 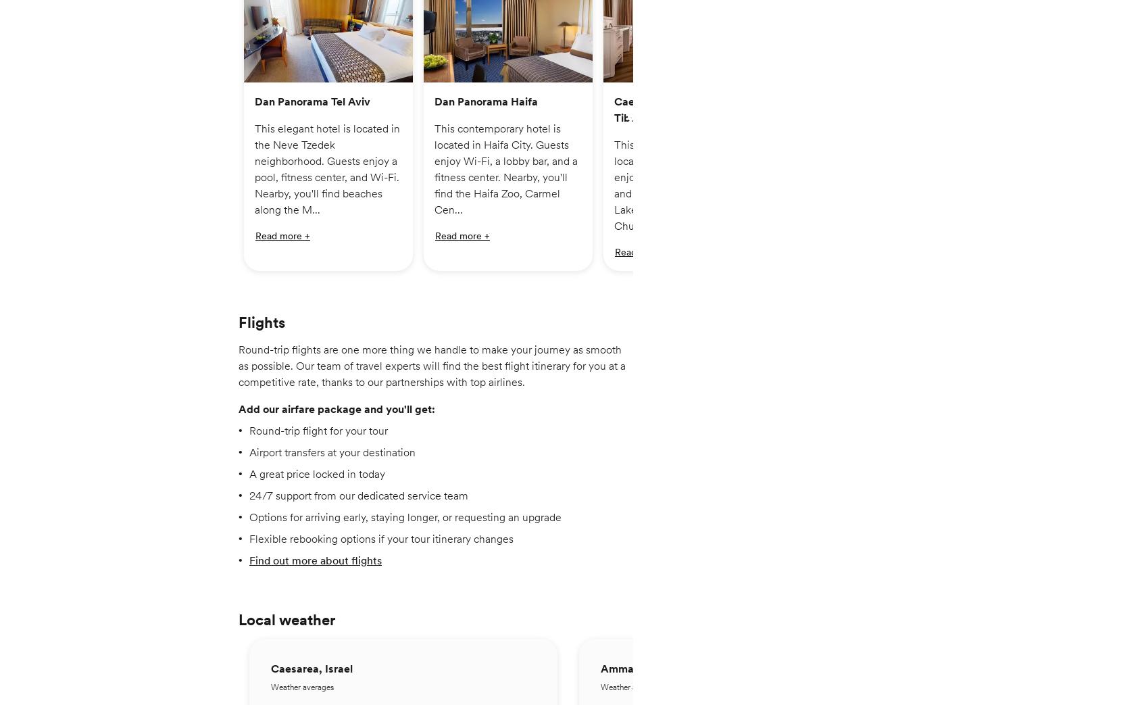 What do you see at coordinates (382, 346) in the screenshot?
I see `'Later, celebrate your trip with your group at a farewell dinner.'` at bounding box center [382, 346].